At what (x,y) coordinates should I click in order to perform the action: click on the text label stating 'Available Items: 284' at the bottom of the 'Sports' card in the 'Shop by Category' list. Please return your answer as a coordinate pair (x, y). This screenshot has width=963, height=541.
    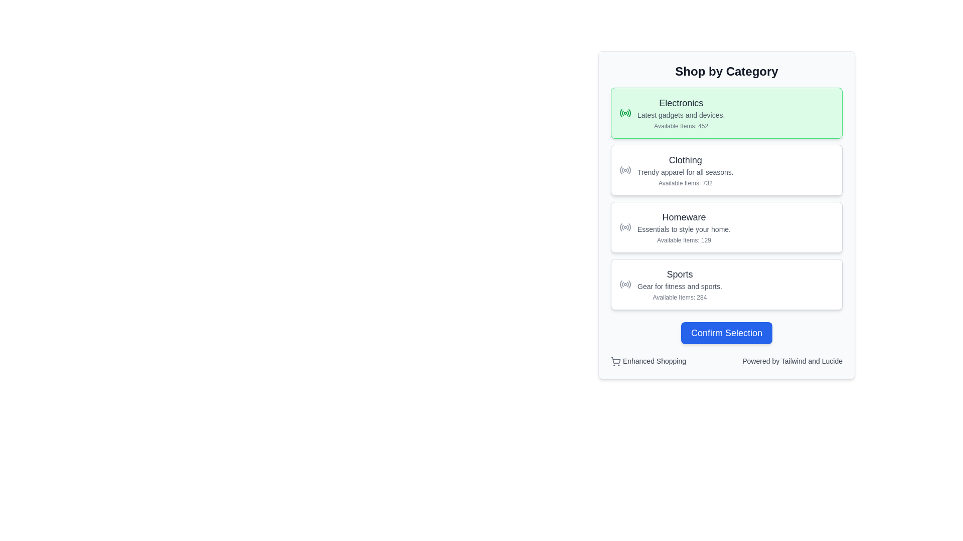
    Looking at the image, I should click on (680, 297).